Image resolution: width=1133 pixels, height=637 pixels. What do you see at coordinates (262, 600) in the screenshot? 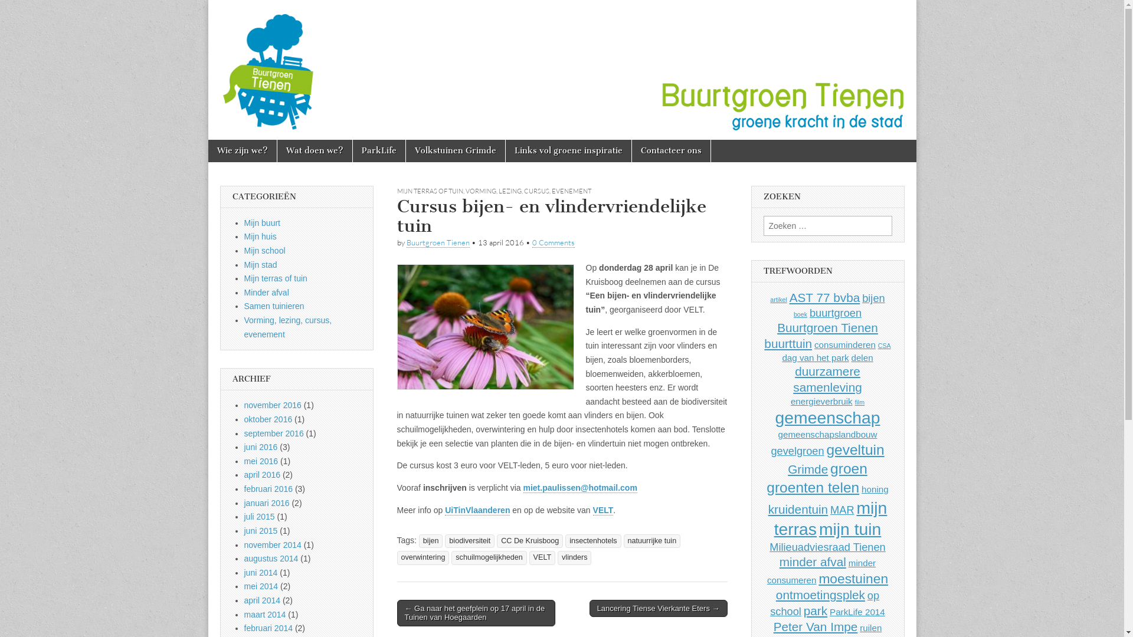
I see `'april 2014'` at bounding box center [262, 600].